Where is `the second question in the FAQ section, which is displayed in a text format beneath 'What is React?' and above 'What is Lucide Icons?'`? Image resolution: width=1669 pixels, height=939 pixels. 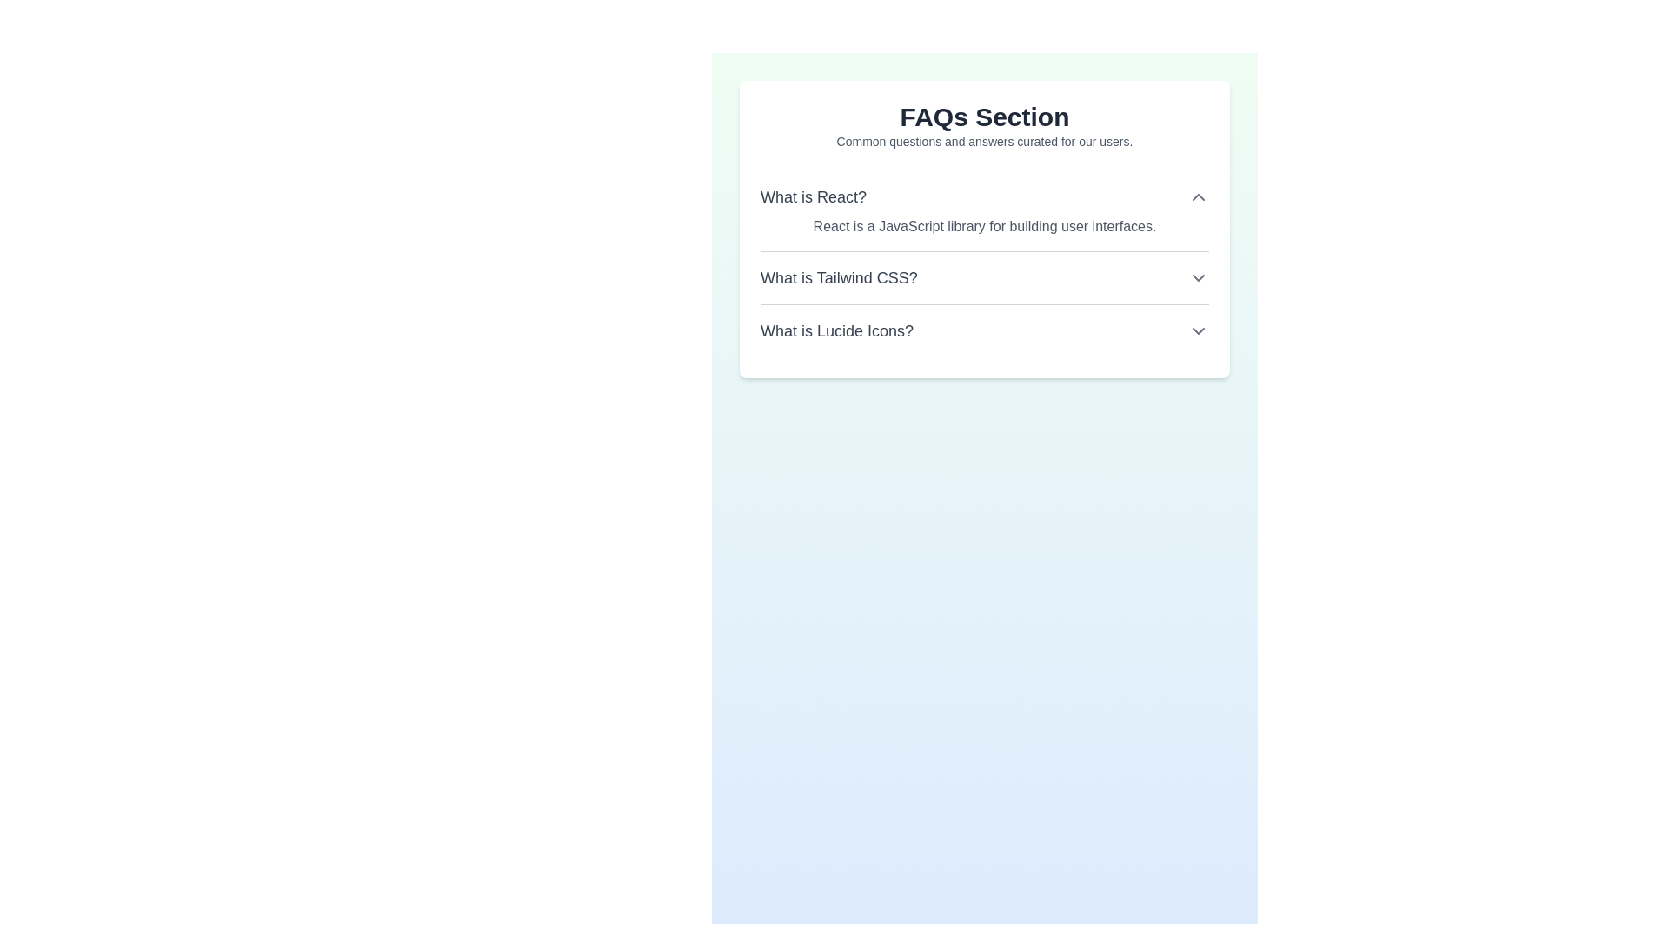
the second question in the FAQ section, which is displayed in a text format beneath 'What is React?' and above 'What is Lucide Icons?' is located at coordinates (839, 277).